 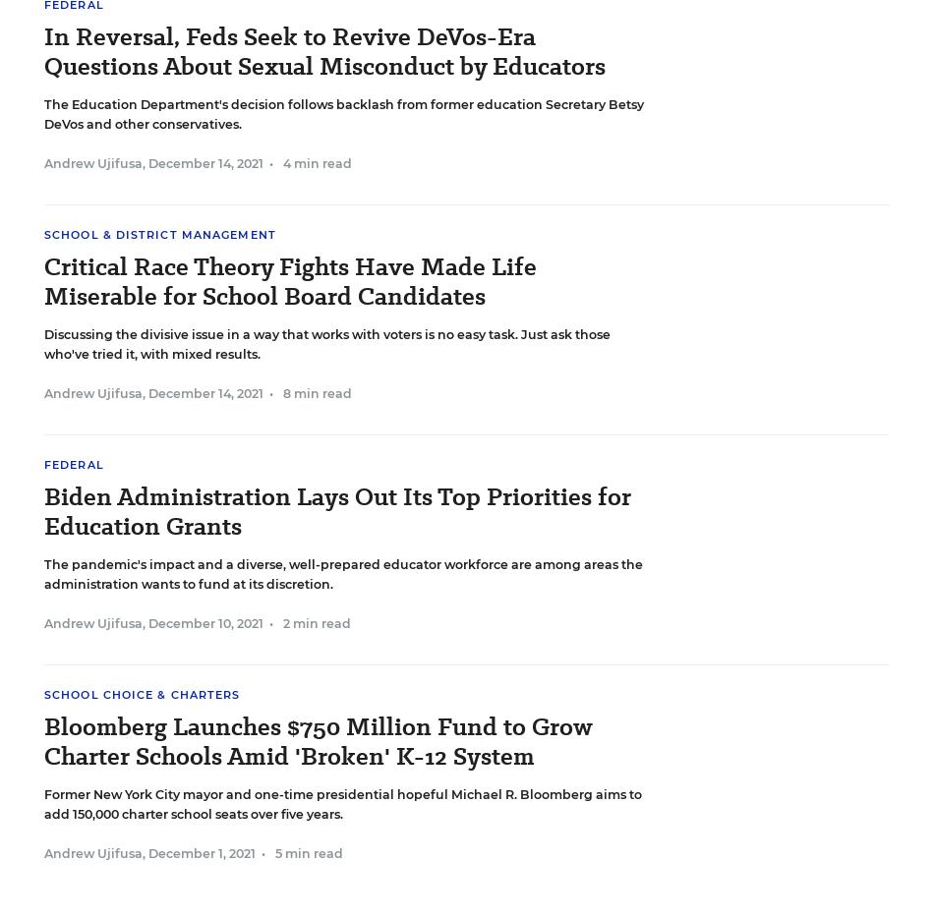 What do you see at coordinates (159, 234) in the screenshot?
I see `'School & District Management'` at bounding box center [159, 234].